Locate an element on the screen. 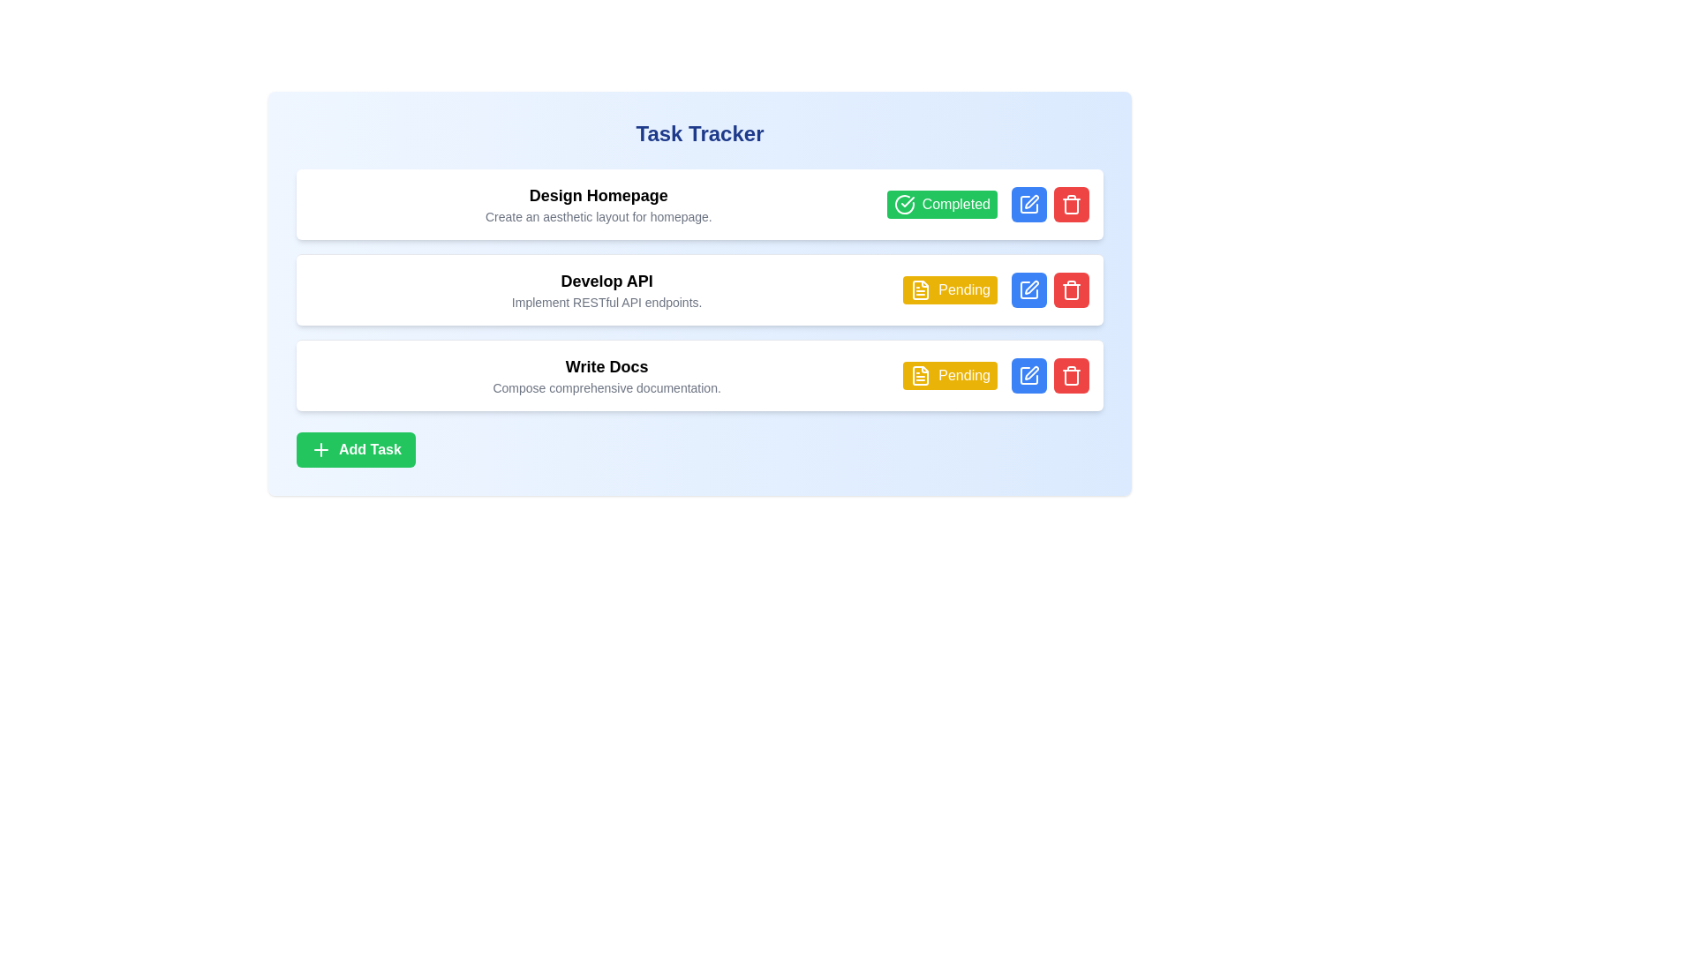  the Text label that serves as the title of the task 'Design Homepage', positioned at the top of the first task in the vertical list is located at coordinates (599, 196).